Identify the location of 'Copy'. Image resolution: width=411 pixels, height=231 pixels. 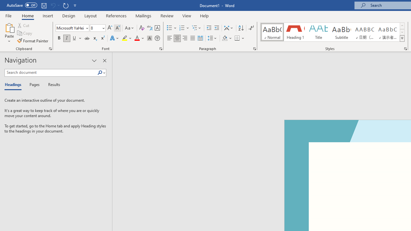
(25, 33).